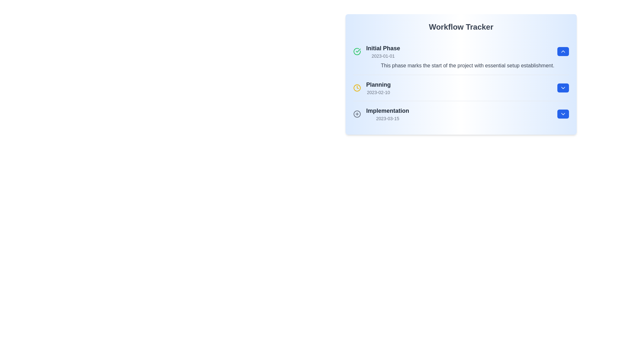 The width and height of the screenshot is (620, 348). What do you see at coordinates (356, 114) in the screenshot?
I see `the circular '+' icon located to the left of the text 'Implementation 2023-03-15' in the workflow tracker` at bounding box center [356, 114].